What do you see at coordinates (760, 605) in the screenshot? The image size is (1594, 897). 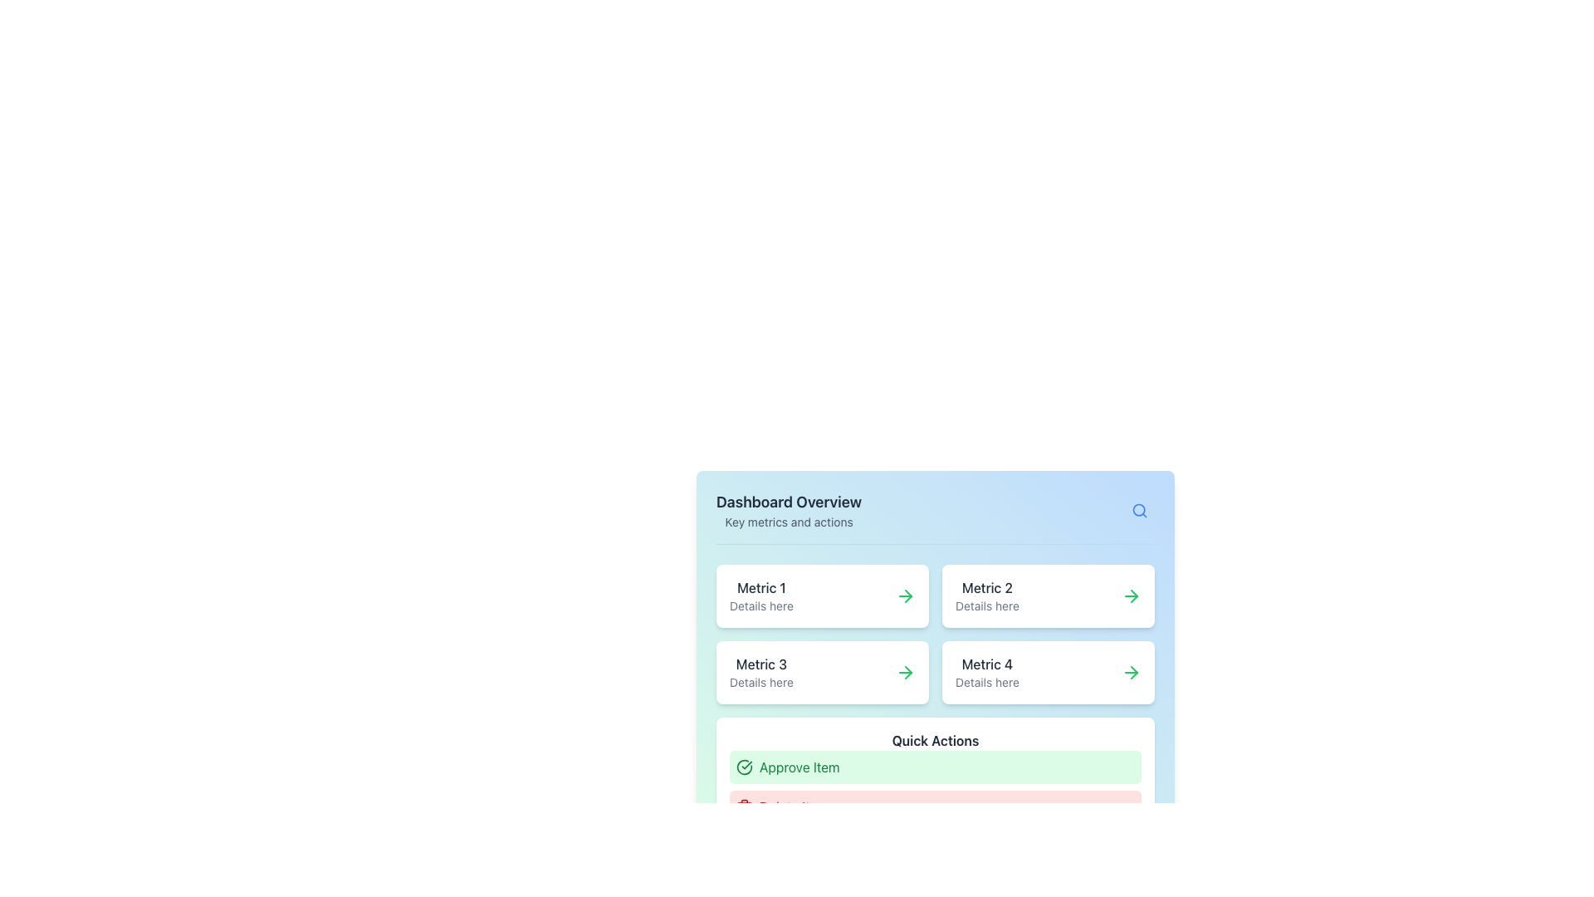 I see `the text label displaying 'Details here', which is located directly under the bold text 'Metric 1' in the first card of the grid layout` at bounding box center [760, 605].